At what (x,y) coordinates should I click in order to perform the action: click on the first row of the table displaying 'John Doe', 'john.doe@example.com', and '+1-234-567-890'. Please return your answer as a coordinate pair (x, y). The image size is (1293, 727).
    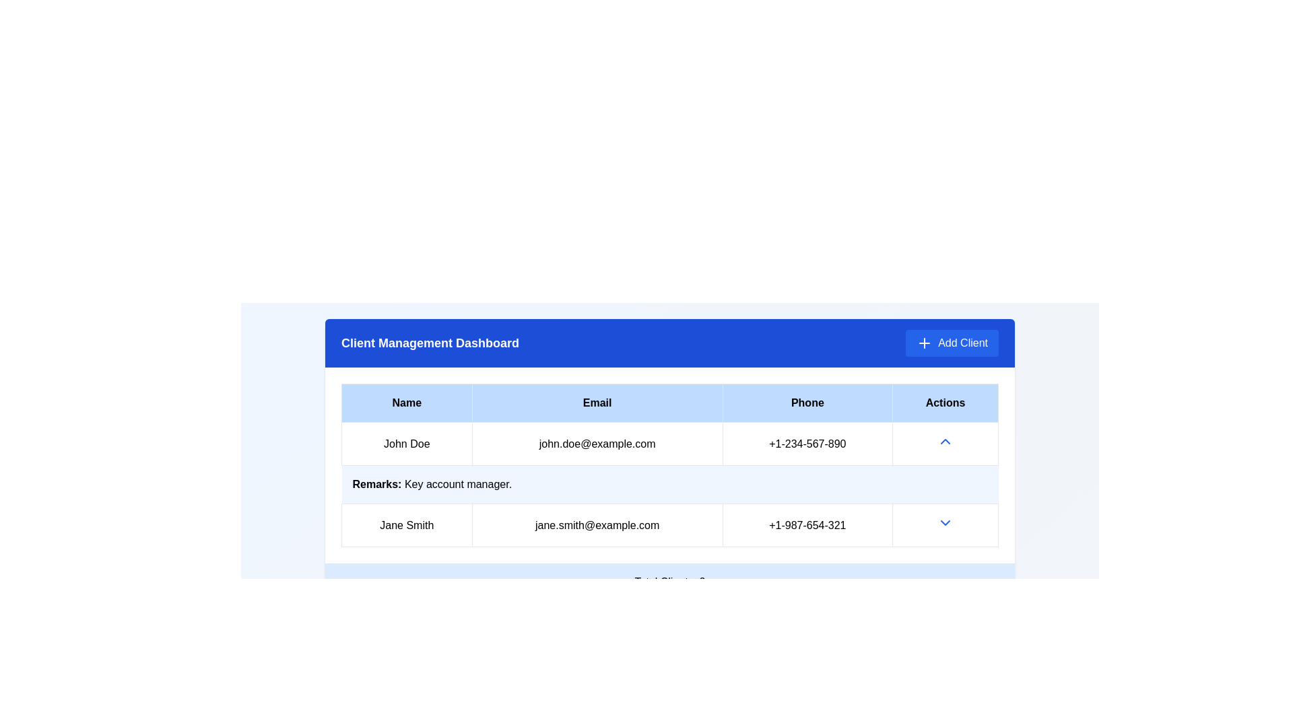
    Looking at the image, I should click on (669, 444).